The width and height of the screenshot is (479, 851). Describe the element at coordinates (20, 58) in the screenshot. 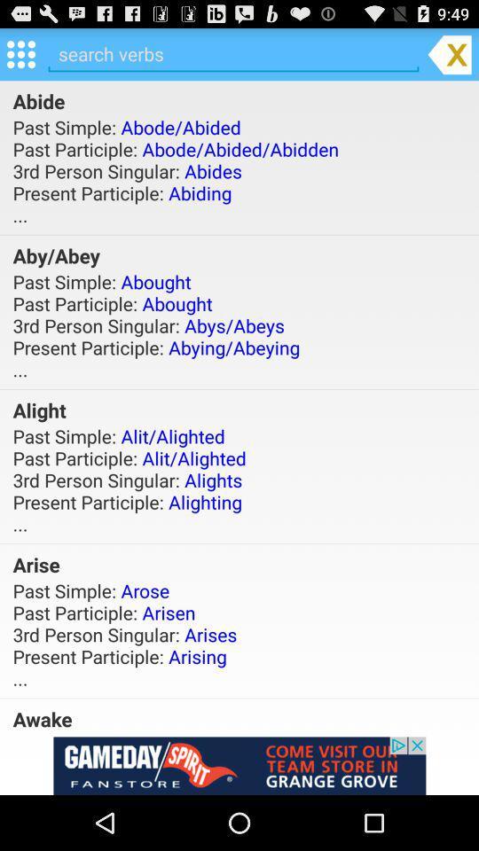

I see `the dialpad icon` at that location.